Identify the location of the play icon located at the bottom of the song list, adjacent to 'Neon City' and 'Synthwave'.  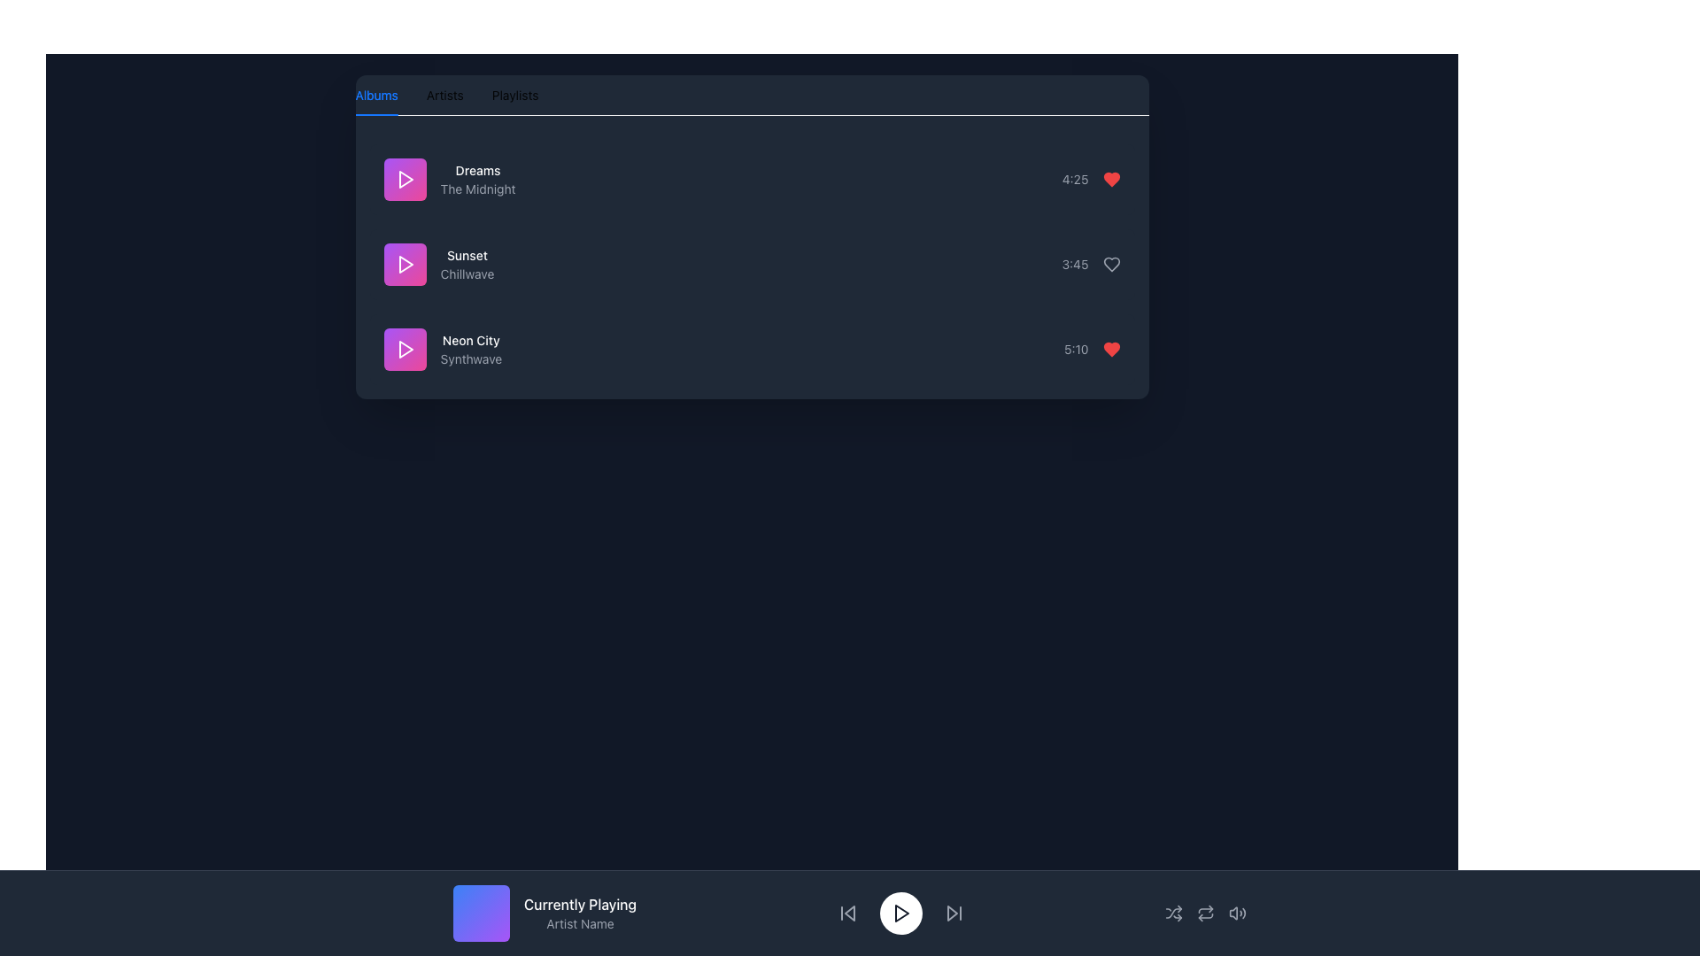
(405, 349).